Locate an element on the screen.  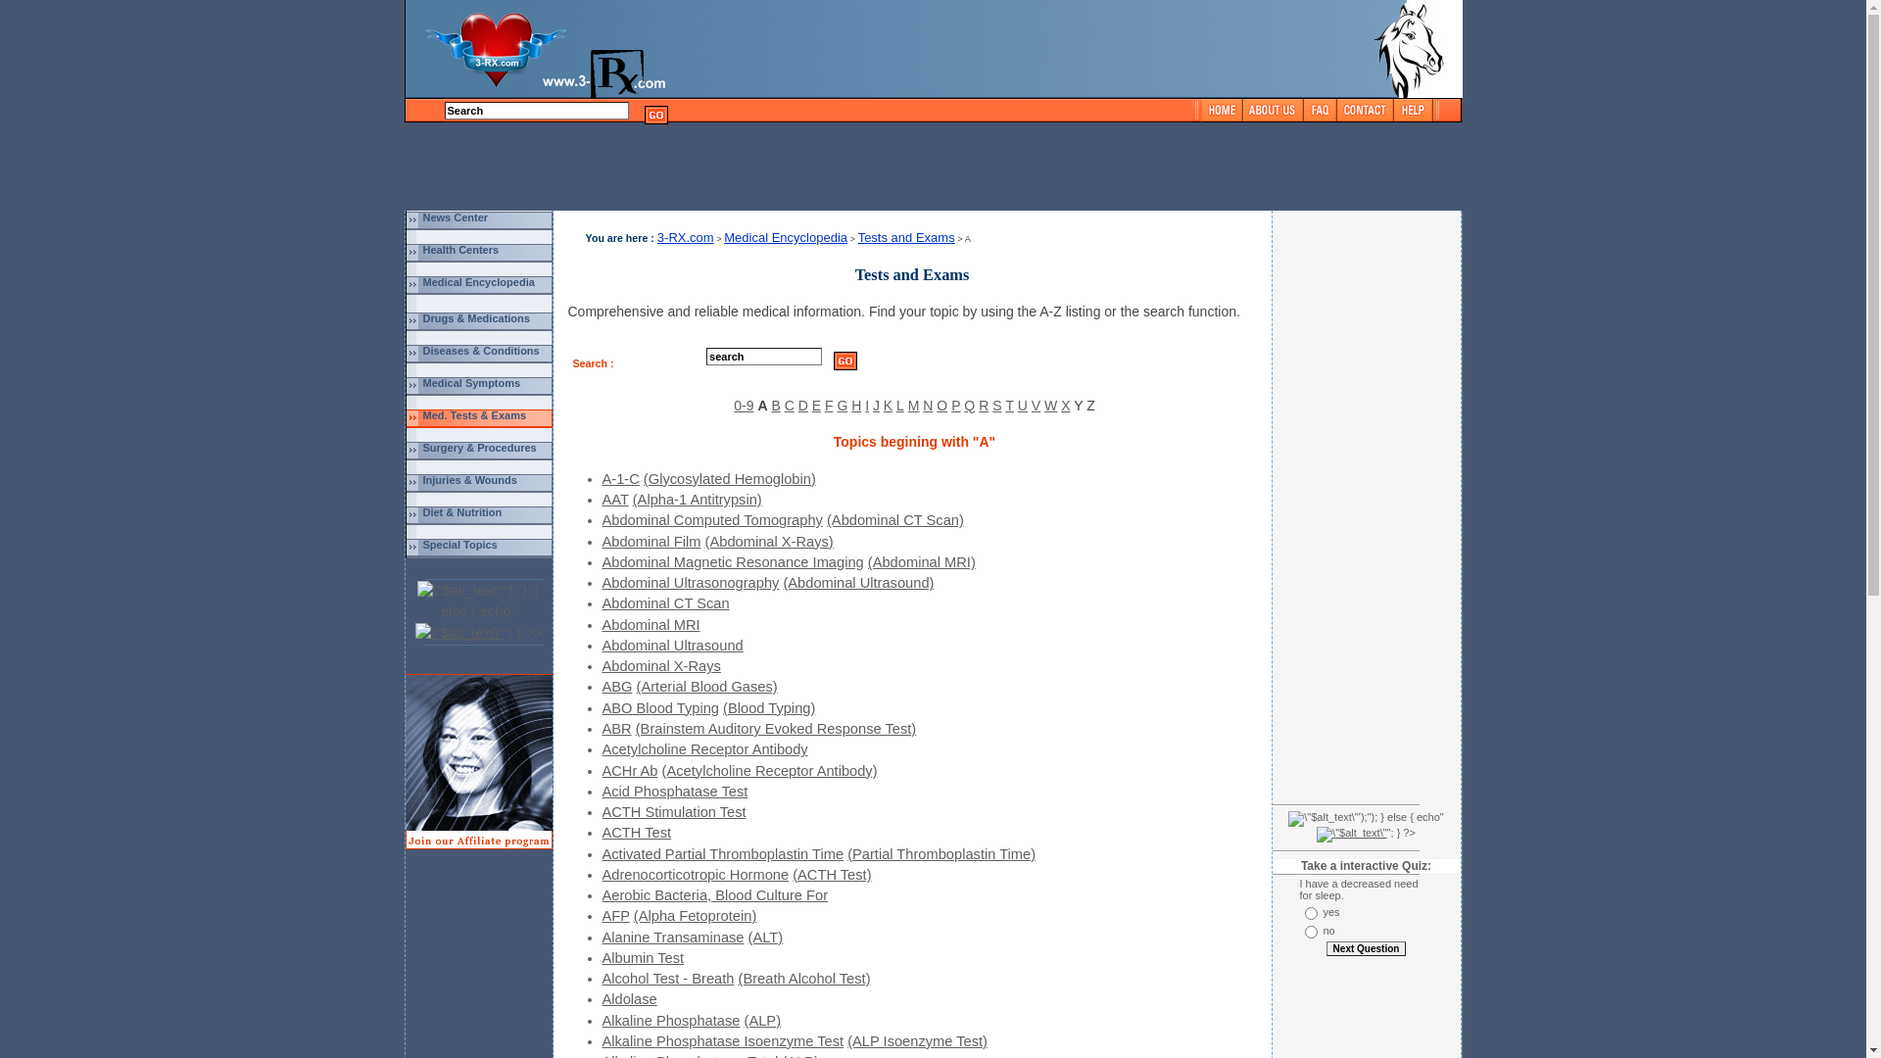
'Alanine Transaminase' is located at coordinates (672, 936).